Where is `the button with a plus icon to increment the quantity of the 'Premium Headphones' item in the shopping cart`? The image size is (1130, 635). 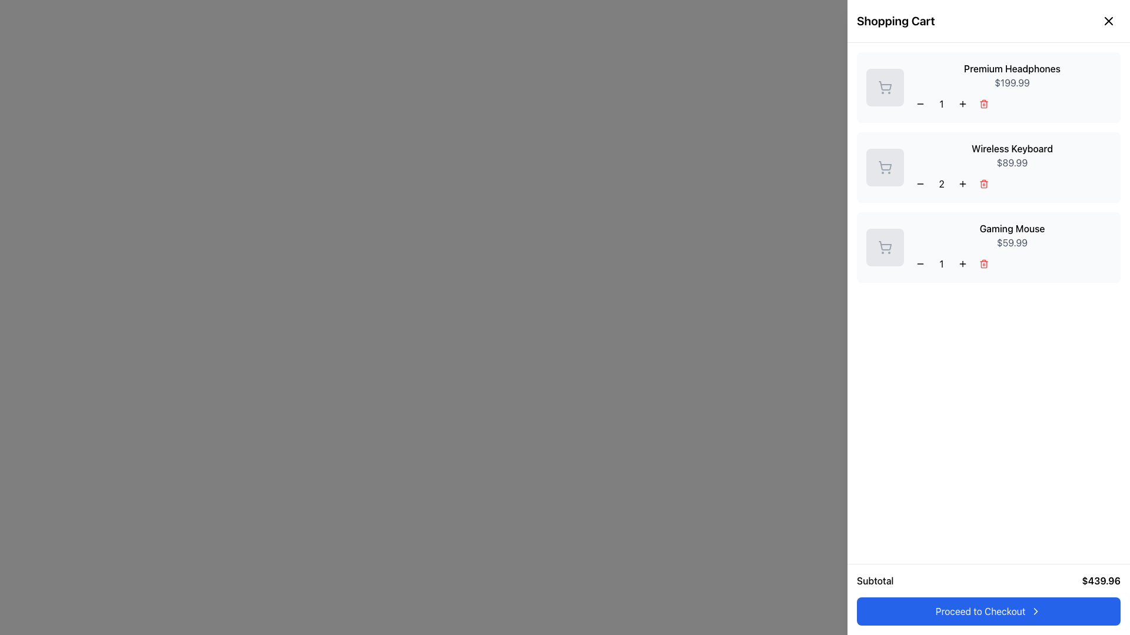 the button with a plus icon to increment the quantity of the 'Premium Headphones' item in the shopping cart is located at coordinates (963, 103).